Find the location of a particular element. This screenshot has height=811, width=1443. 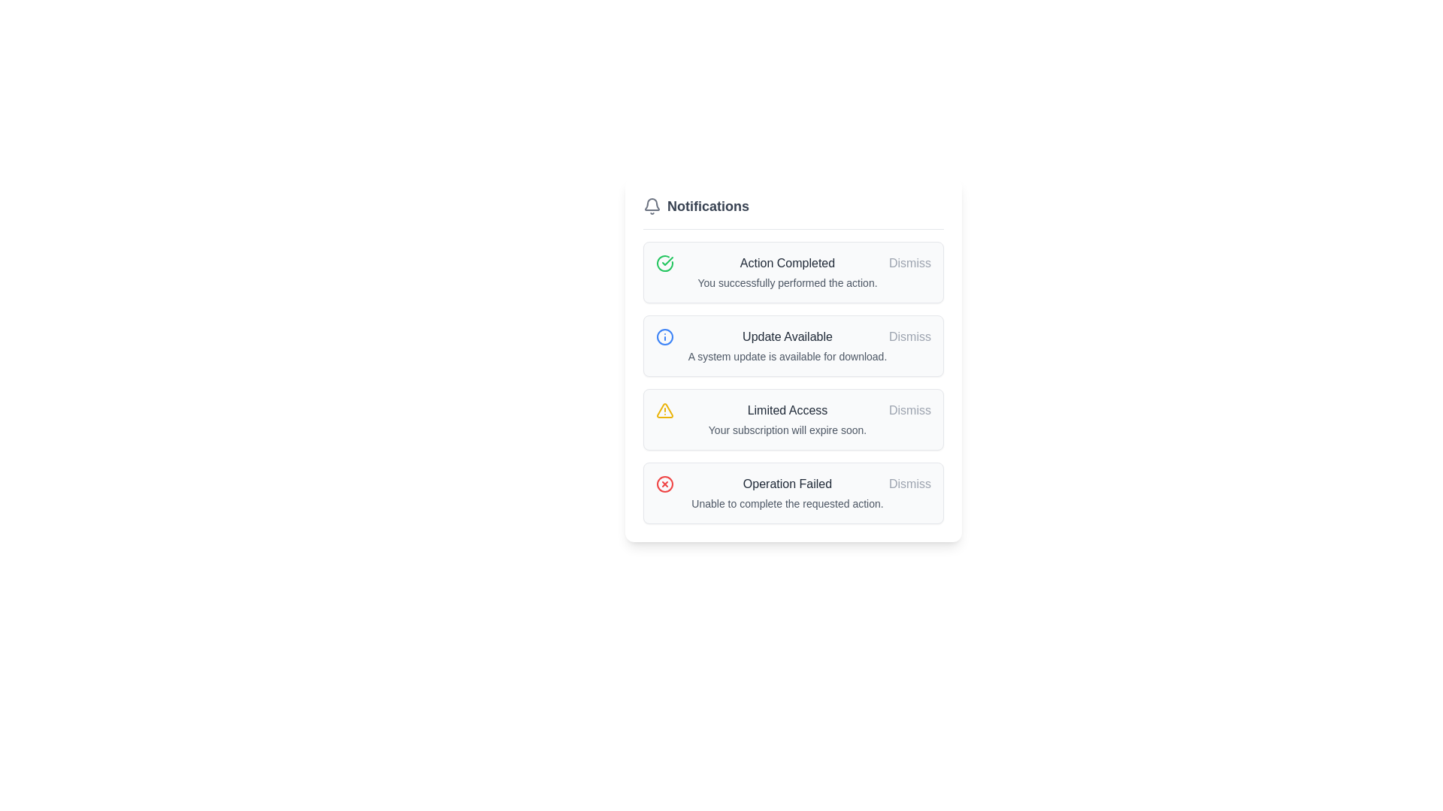

the static text label displaying 'Operation Failed' in bold dark gray font, positioned near the center of the notification card's upper section is located at coordinates (786, 484).